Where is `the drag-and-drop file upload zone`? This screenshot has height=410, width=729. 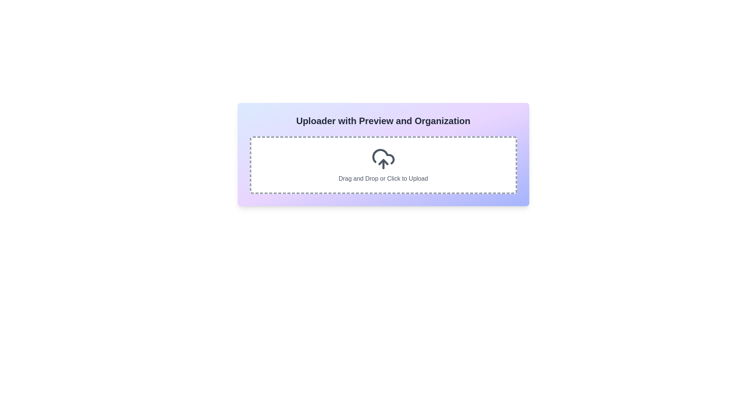 the drag-and-drop file upload zone is located at coordinates (383, 164).